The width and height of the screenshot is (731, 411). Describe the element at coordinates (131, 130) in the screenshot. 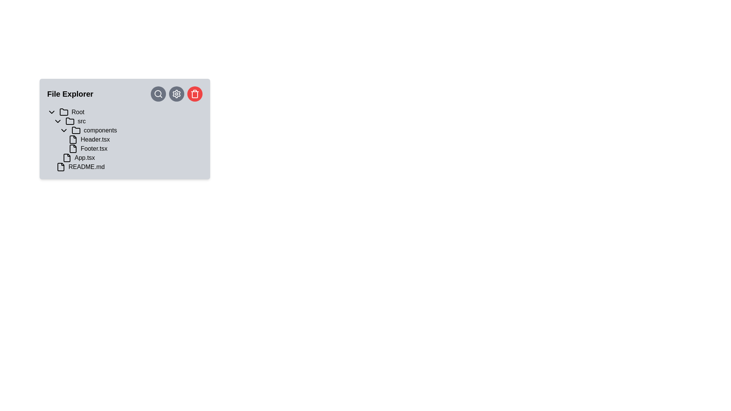

I see `the 'components' folder item in the left panel of the 'File Explorer'` at that location.